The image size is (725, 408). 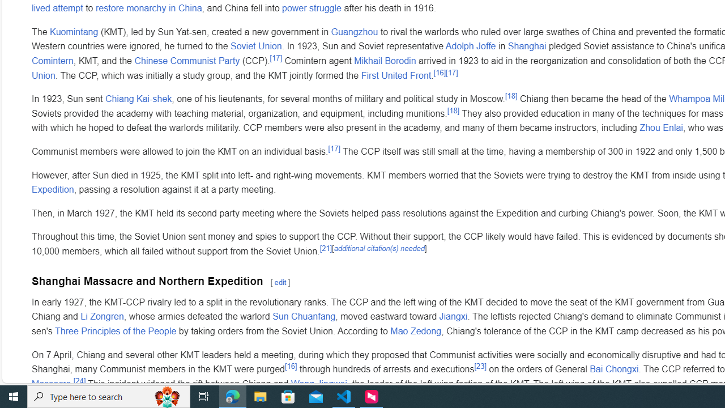 I want to click on 'Chiang Kai-shek', so click(x=138, y=99).